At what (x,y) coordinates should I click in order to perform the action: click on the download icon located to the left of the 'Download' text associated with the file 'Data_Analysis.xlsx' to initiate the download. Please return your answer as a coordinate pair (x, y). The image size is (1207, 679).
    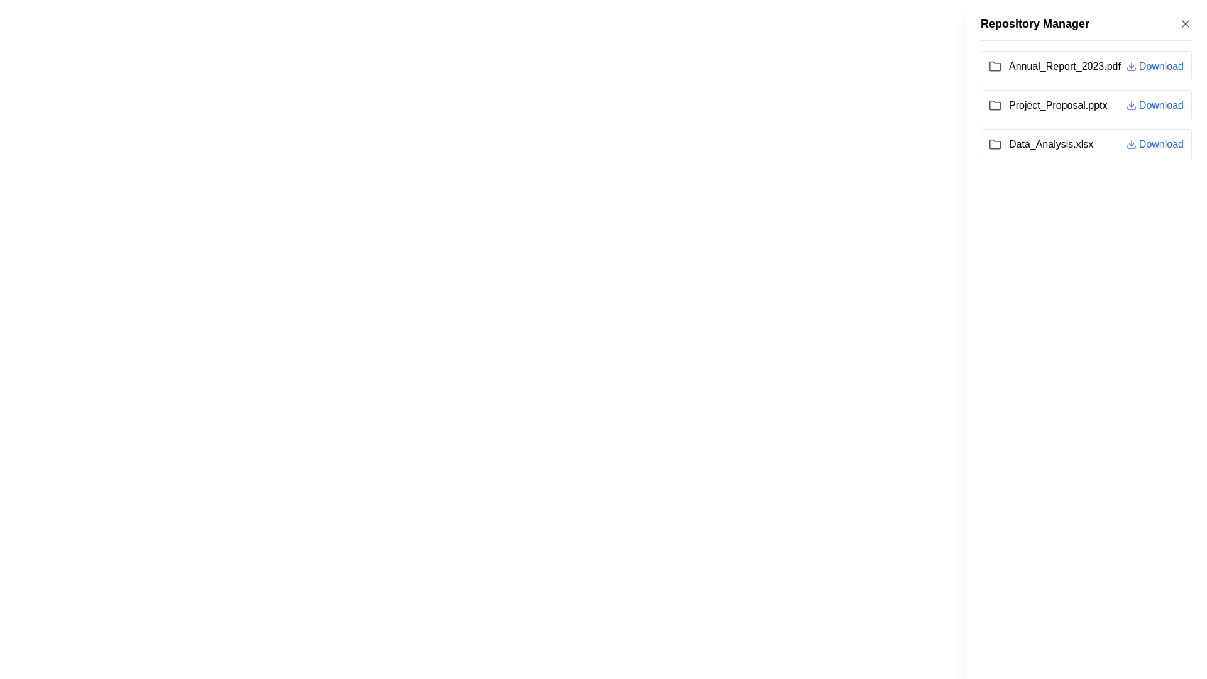
    Looking at the image, I should click on (1131, 144).